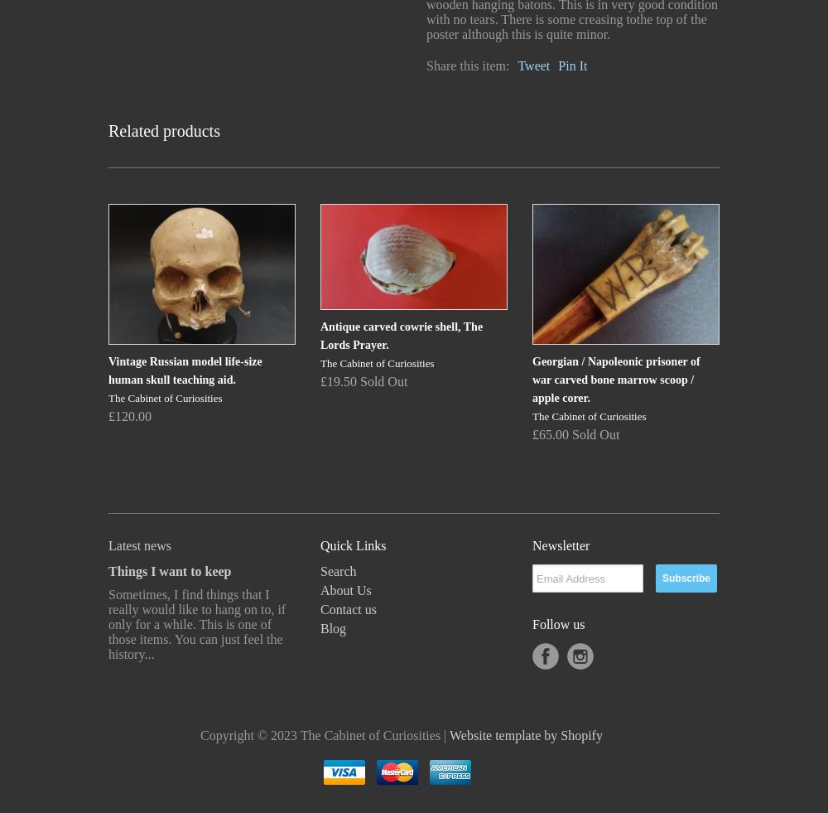  What do you see at coordinates (533, 65) in the screenshot?
I see `'Tweet'` at bounding box center [533, 65].